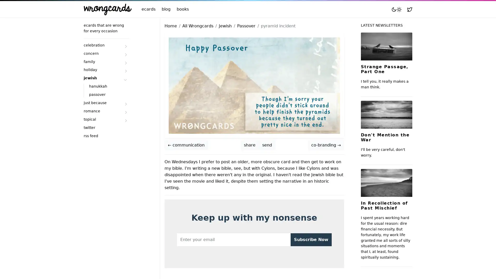 The height and width of the screenshot is (279, 496). Describe the element at coordinates (125, 104) in the screenshot. I see `Submenu` at that location.